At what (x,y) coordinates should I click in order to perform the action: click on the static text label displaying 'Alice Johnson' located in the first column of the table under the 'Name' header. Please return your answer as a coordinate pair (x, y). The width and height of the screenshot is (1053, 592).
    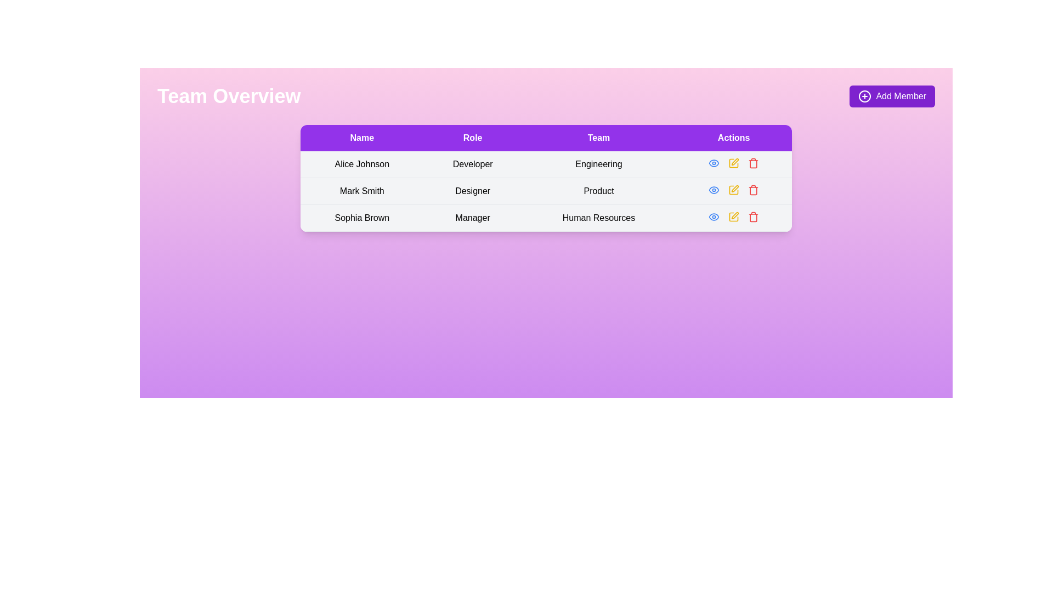
    Looking at the image, I should click on (362, 164).